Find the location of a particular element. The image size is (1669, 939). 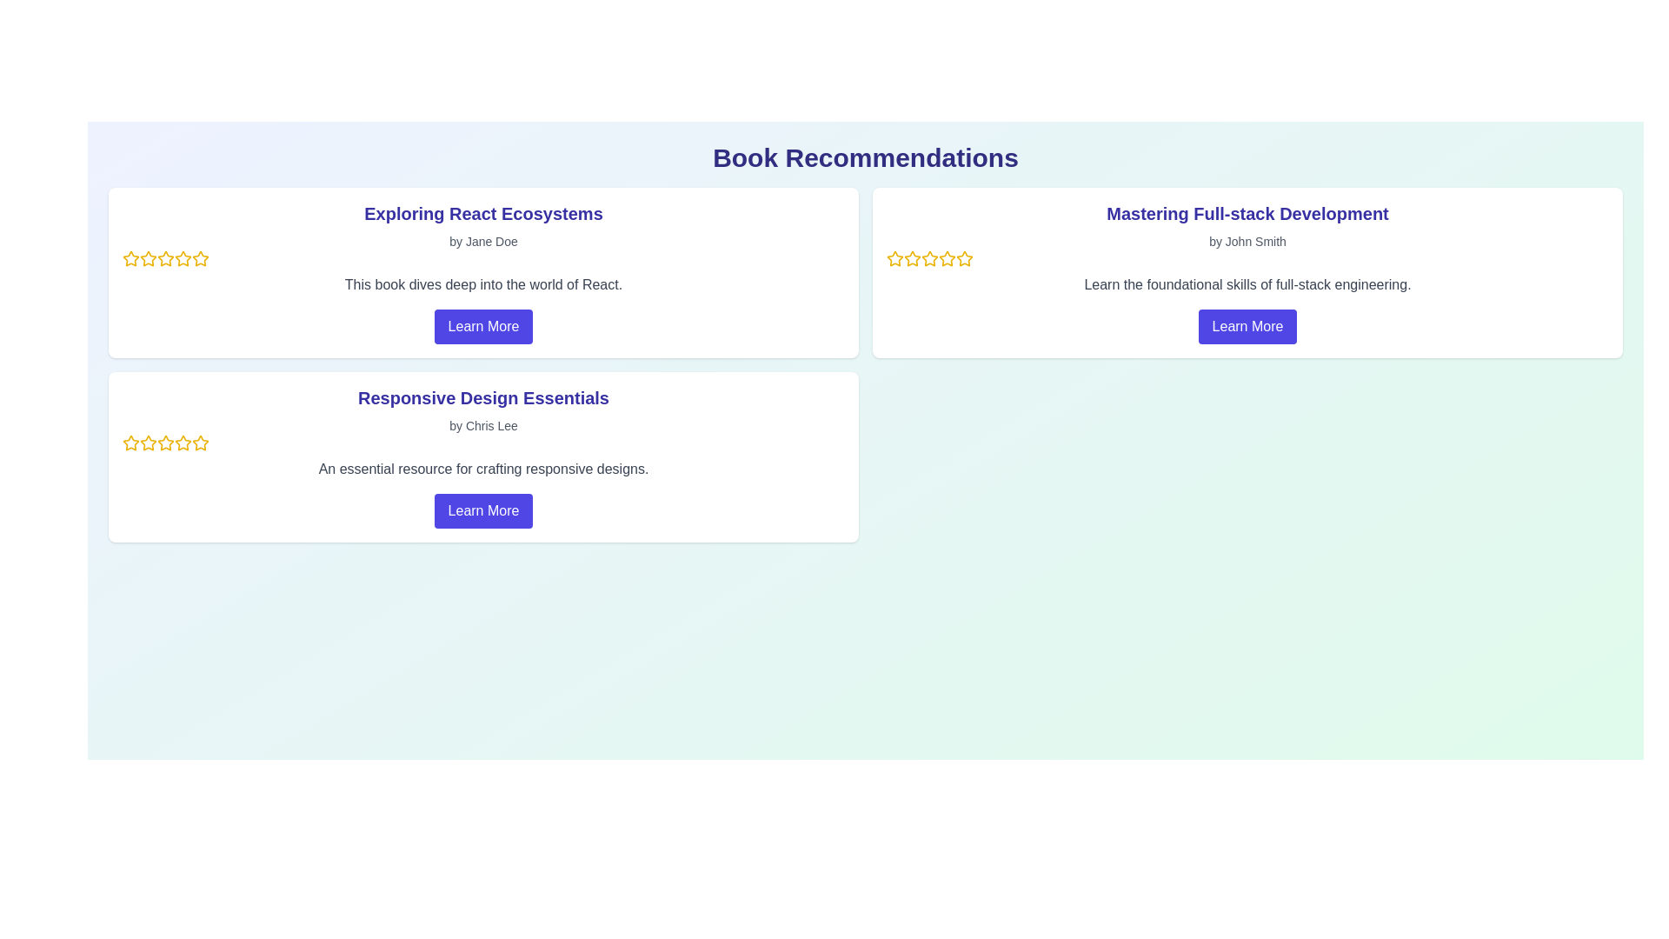

the second star icon in the rating system for the book 'Responsive Design Essentials' is located at coordinates (183, 442).